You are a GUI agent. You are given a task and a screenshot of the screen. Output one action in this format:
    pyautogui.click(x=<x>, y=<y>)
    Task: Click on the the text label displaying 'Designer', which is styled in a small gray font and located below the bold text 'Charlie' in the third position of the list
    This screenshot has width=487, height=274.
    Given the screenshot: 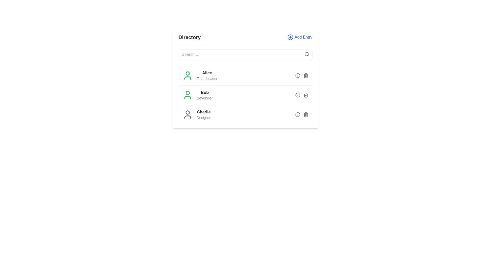 What is the action you would take?
    pyautogui.click(x=204, y=117)
    